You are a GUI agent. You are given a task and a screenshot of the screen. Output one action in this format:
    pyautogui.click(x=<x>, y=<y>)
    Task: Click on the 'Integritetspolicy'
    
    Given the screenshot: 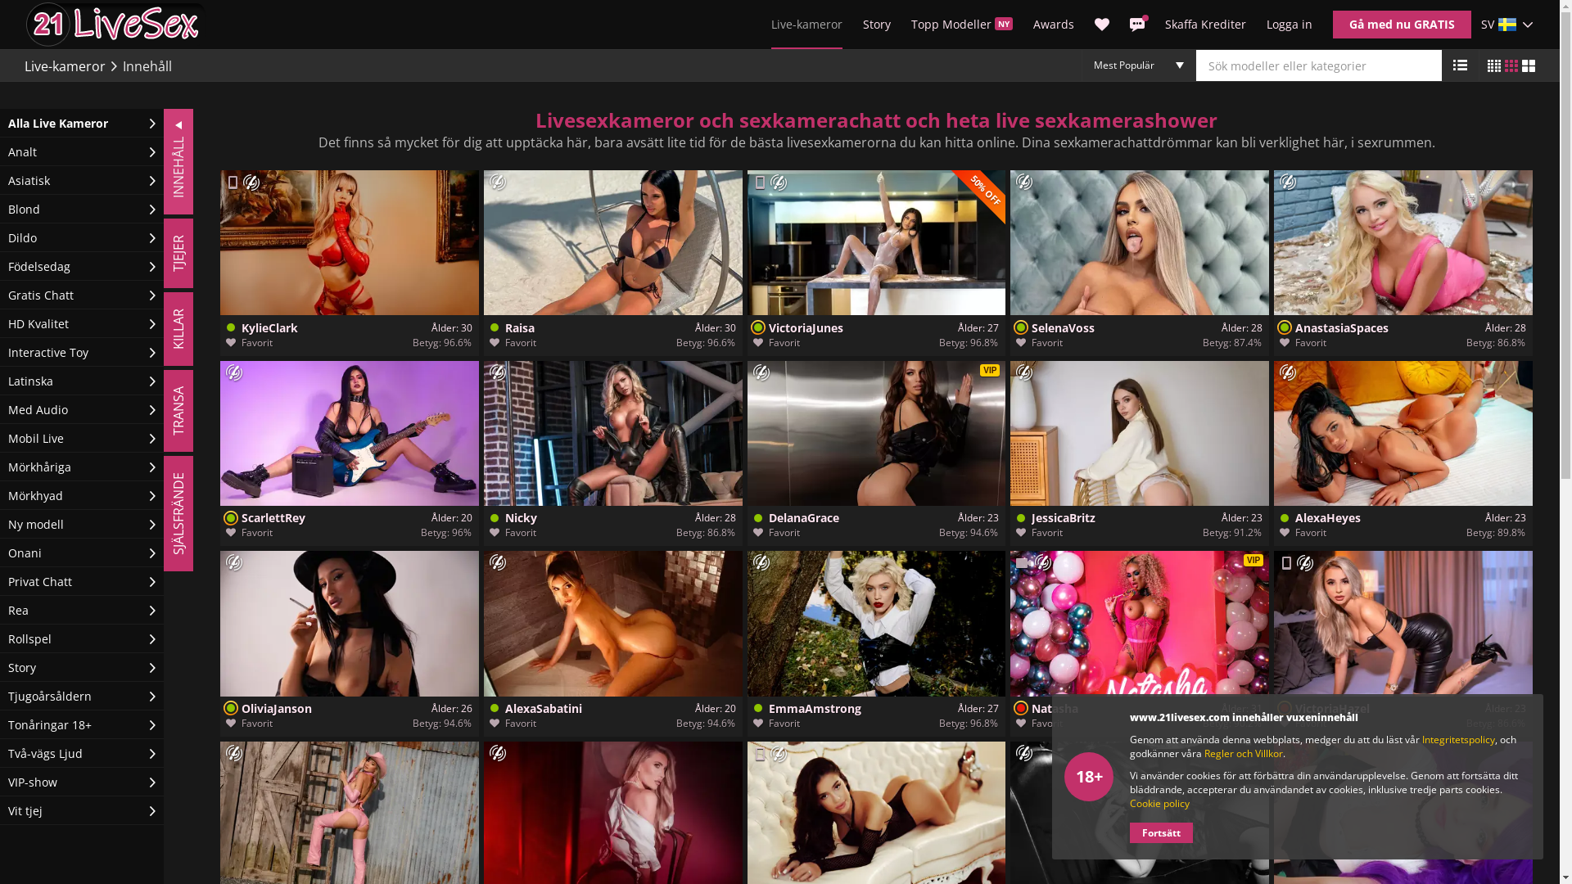 What is the action you would take?
    pyautogui.click(x=1458, y=739)
    